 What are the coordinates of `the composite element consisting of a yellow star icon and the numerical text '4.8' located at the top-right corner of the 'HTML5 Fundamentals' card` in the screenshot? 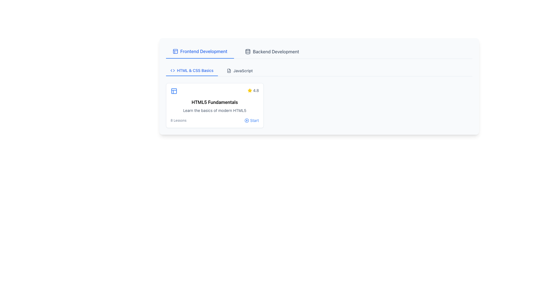 It's located at (253, 90).